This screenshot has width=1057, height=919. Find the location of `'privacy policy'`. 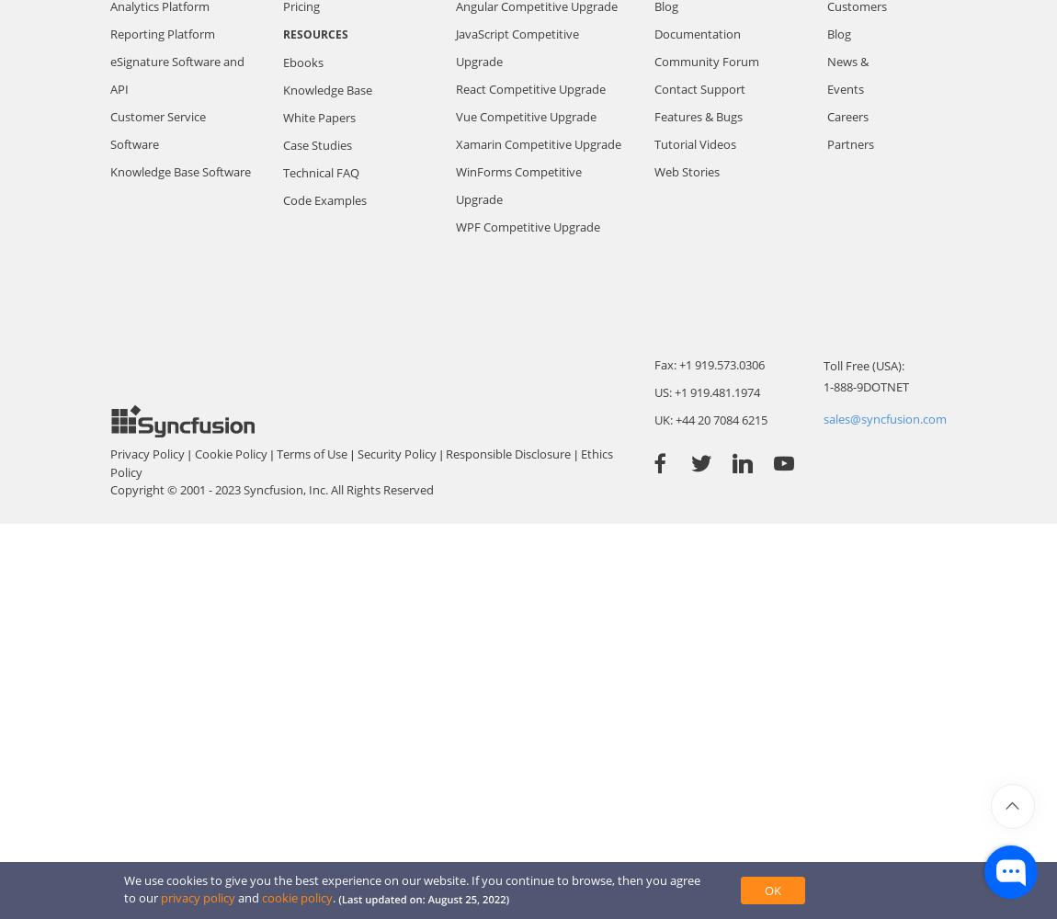

'privacy policy' is located at coordinates (160, 897).